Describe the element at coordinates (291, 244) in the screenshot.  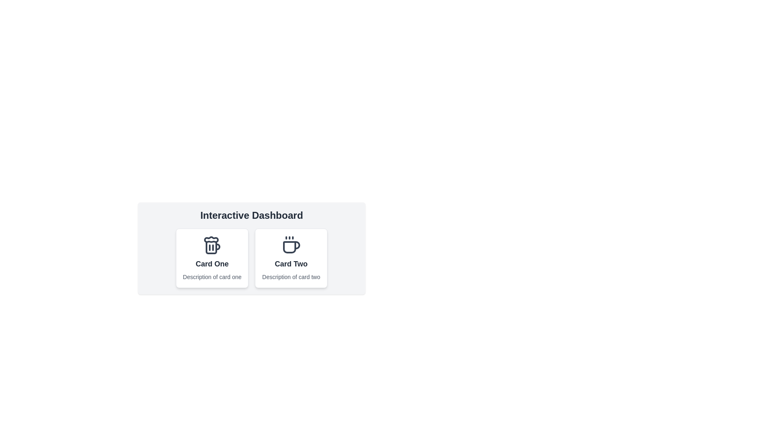
I see `the decorative coffee icon located in 'Card Two' beneath the heading 'Interactive Dashboard'. This icon is prominently positioned near the top of the card, above the text content` at that location.